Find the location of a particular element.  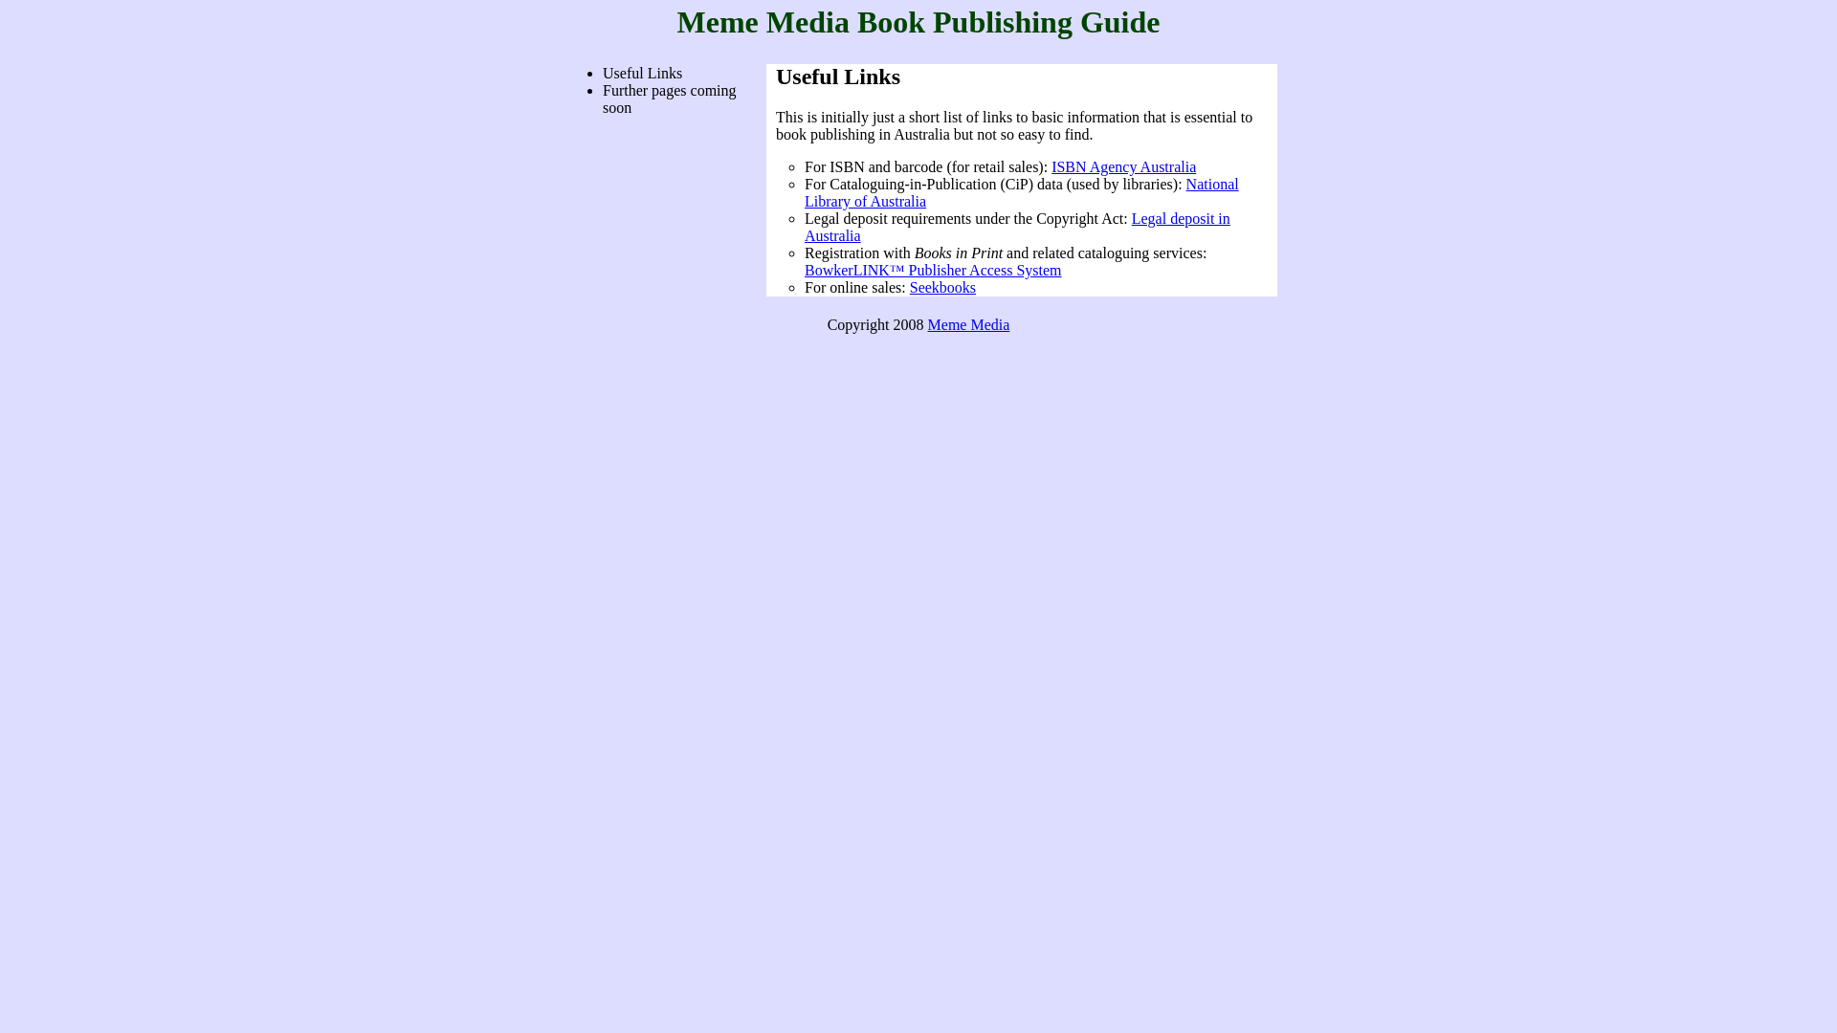

'Legal deposit in Australia' is located at coordinates (1016, 226).